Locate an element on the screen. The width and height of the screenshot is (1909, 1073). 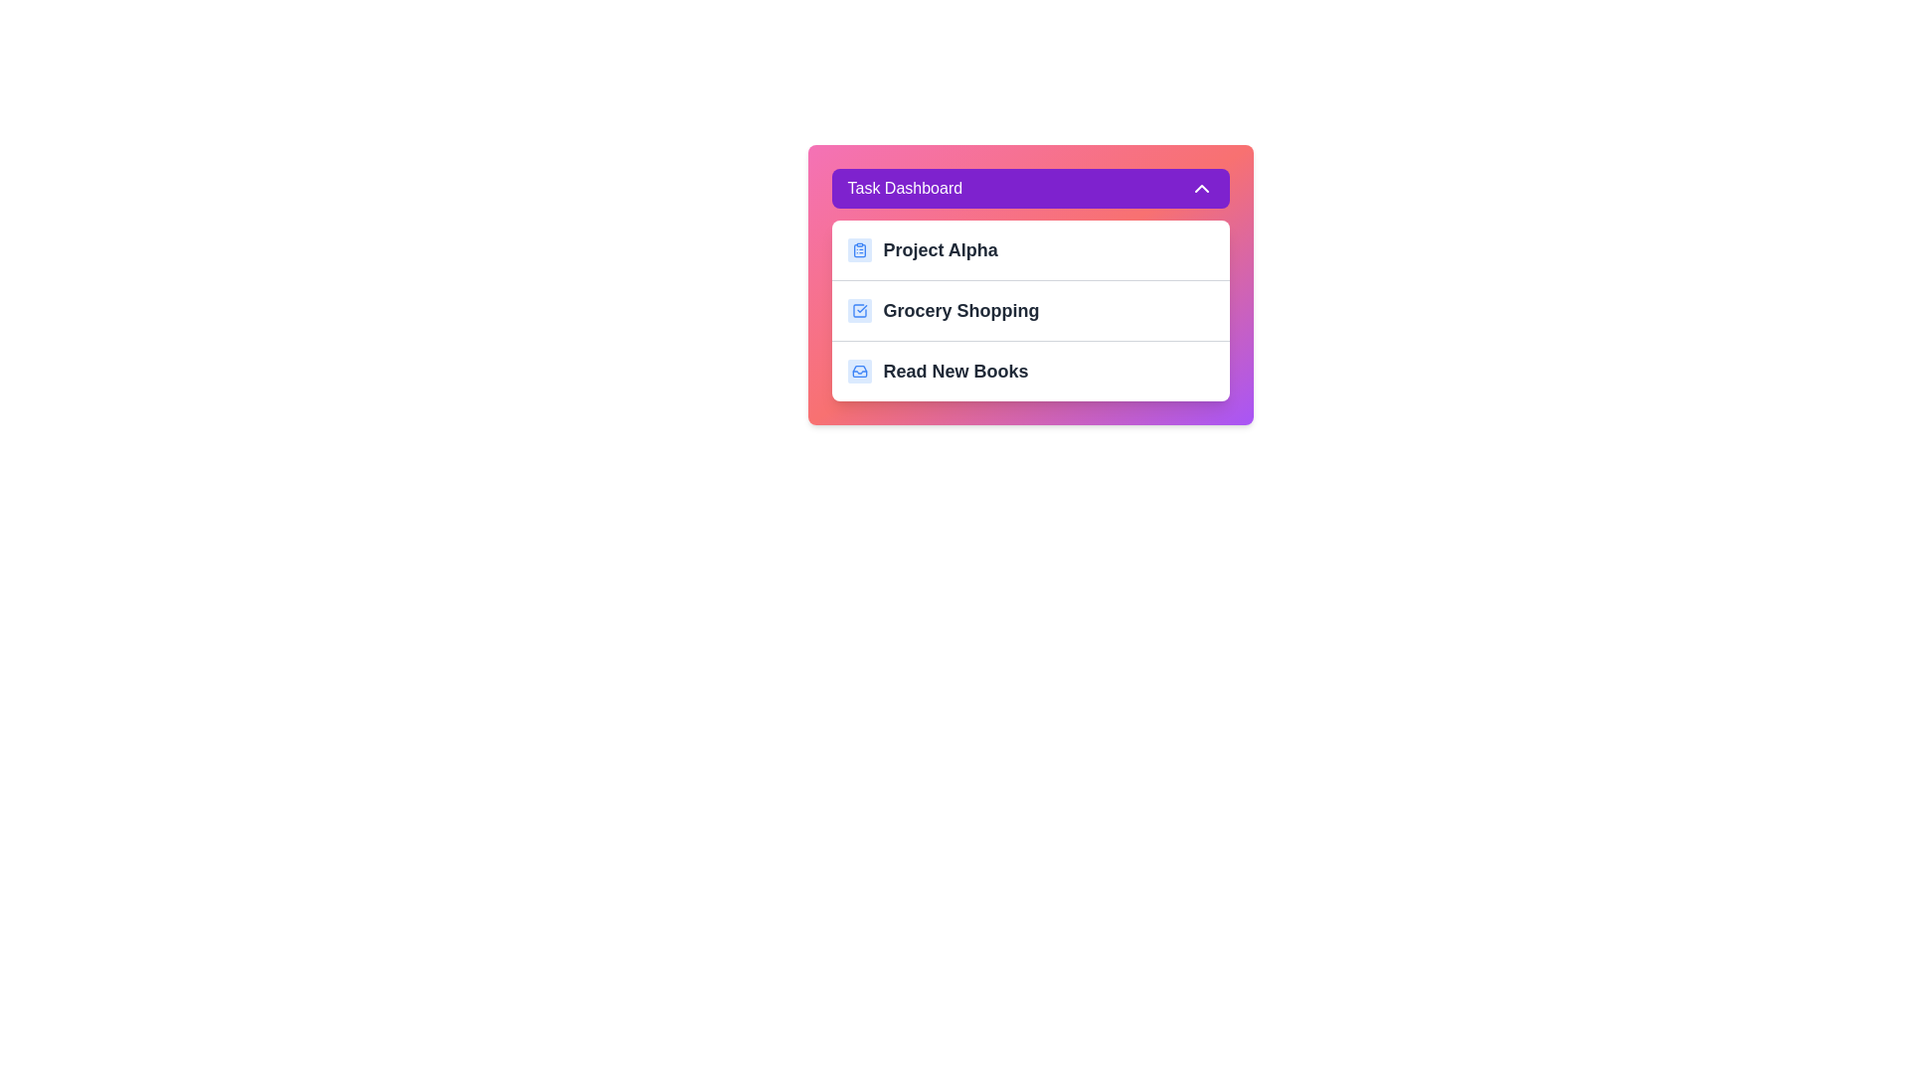
the upward-pointing chevron icon button associated with the 'Task Dashboard' header is located at coordinates (1200, 188).